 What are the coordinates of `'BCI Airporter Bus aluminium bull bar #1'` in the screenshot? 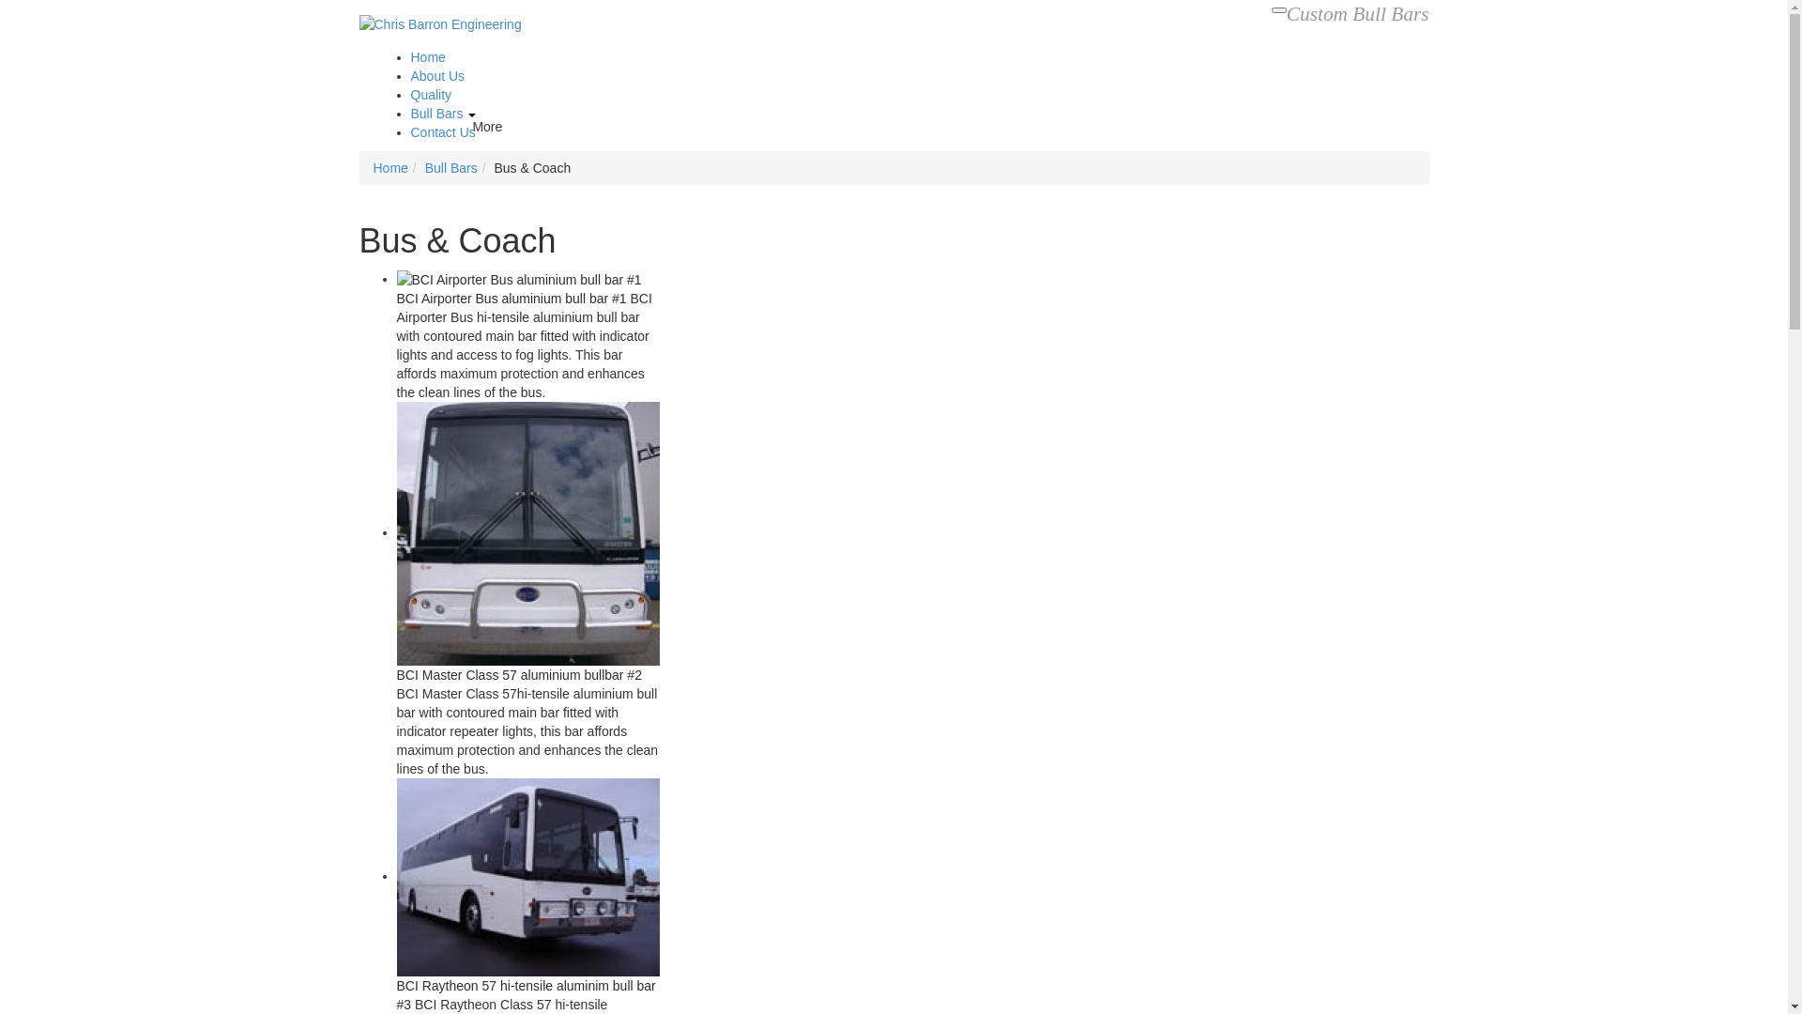 It's located at (511, 297).